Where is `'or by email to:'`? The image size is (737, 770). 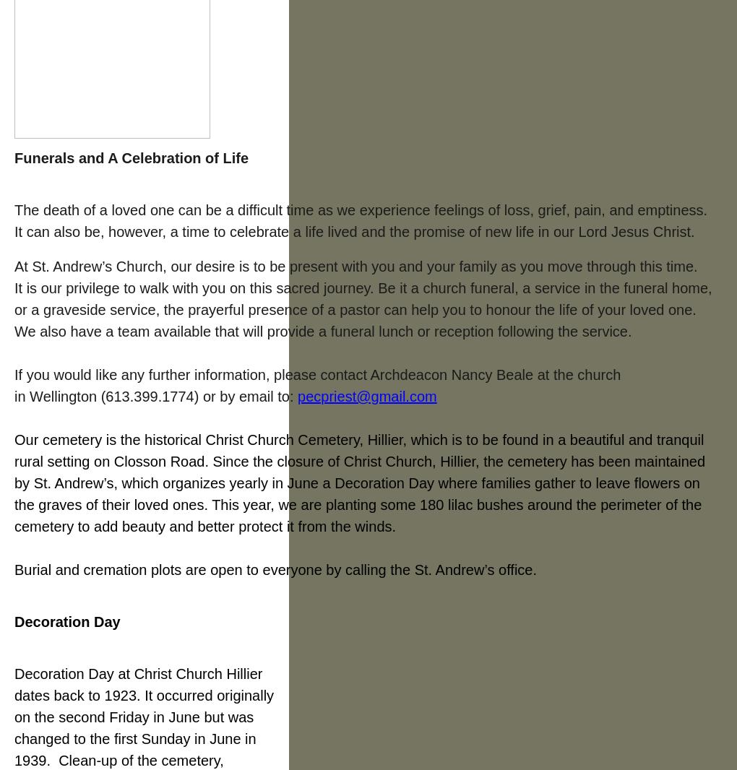
'or by email to:' is located at coordinates (249, 395).